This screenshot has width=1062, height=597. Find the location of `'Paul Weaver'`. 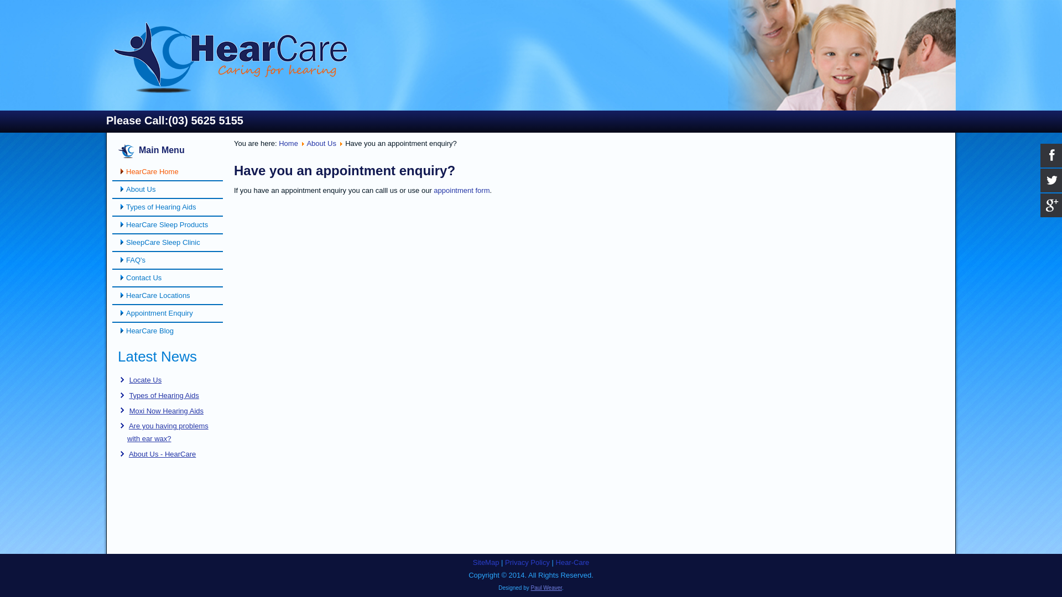

'Paul Weaver' is located at coordinates (546, 587).